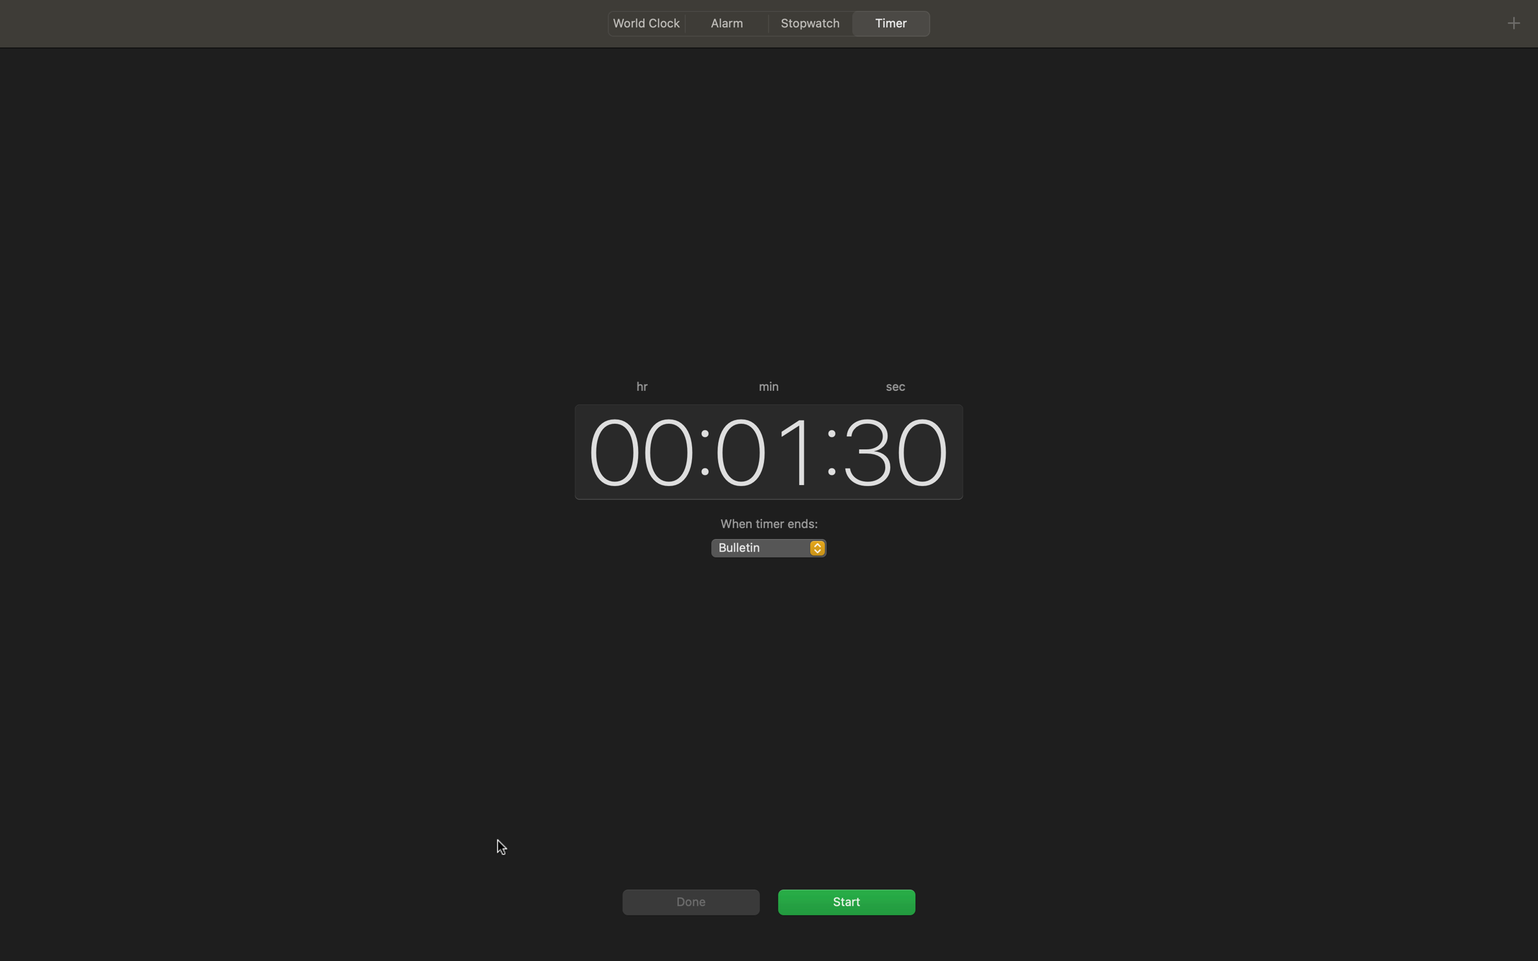 The image size is (1538, 961). I want to click on the clock"s seconds component to 59, so click(897, 448).